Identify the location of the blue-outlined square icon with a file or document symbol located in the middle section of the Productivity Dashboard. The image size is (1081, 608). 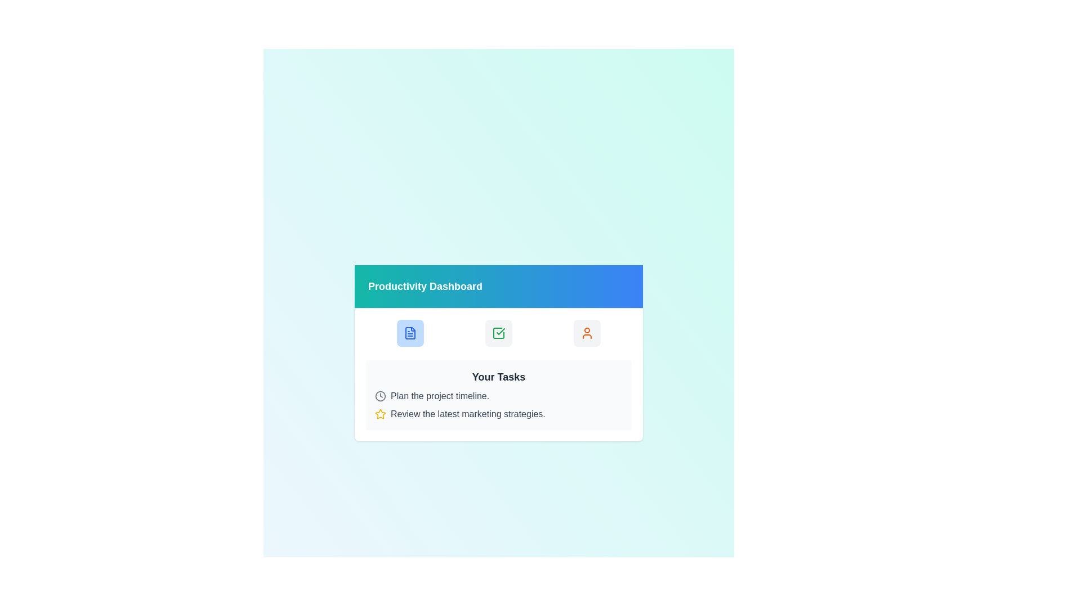
(409, 332).